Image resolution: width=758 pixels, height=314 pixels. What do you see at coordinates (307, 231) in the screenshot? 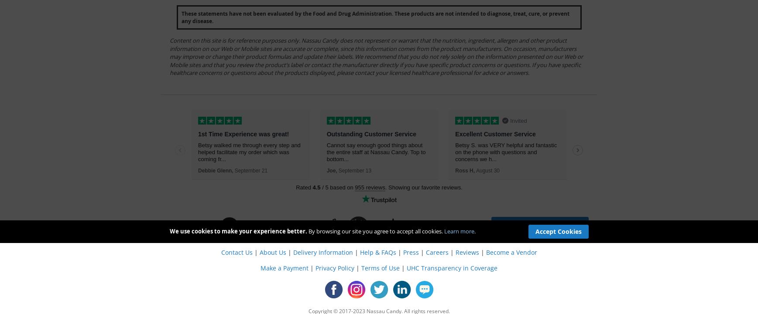
I see `'By browsing our site you agree to accept all cookies.'` at bounding box center [307, 231].